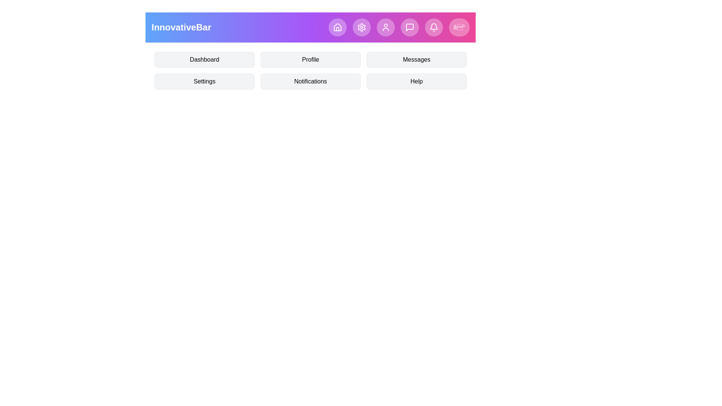 Image resolution: width=722 pixels, height=406 pixels. What do you see at coordinates (458, 27) in the screenshot?
I see `the menu button to toggle the menu visibility` at bounding box center [458, 27].